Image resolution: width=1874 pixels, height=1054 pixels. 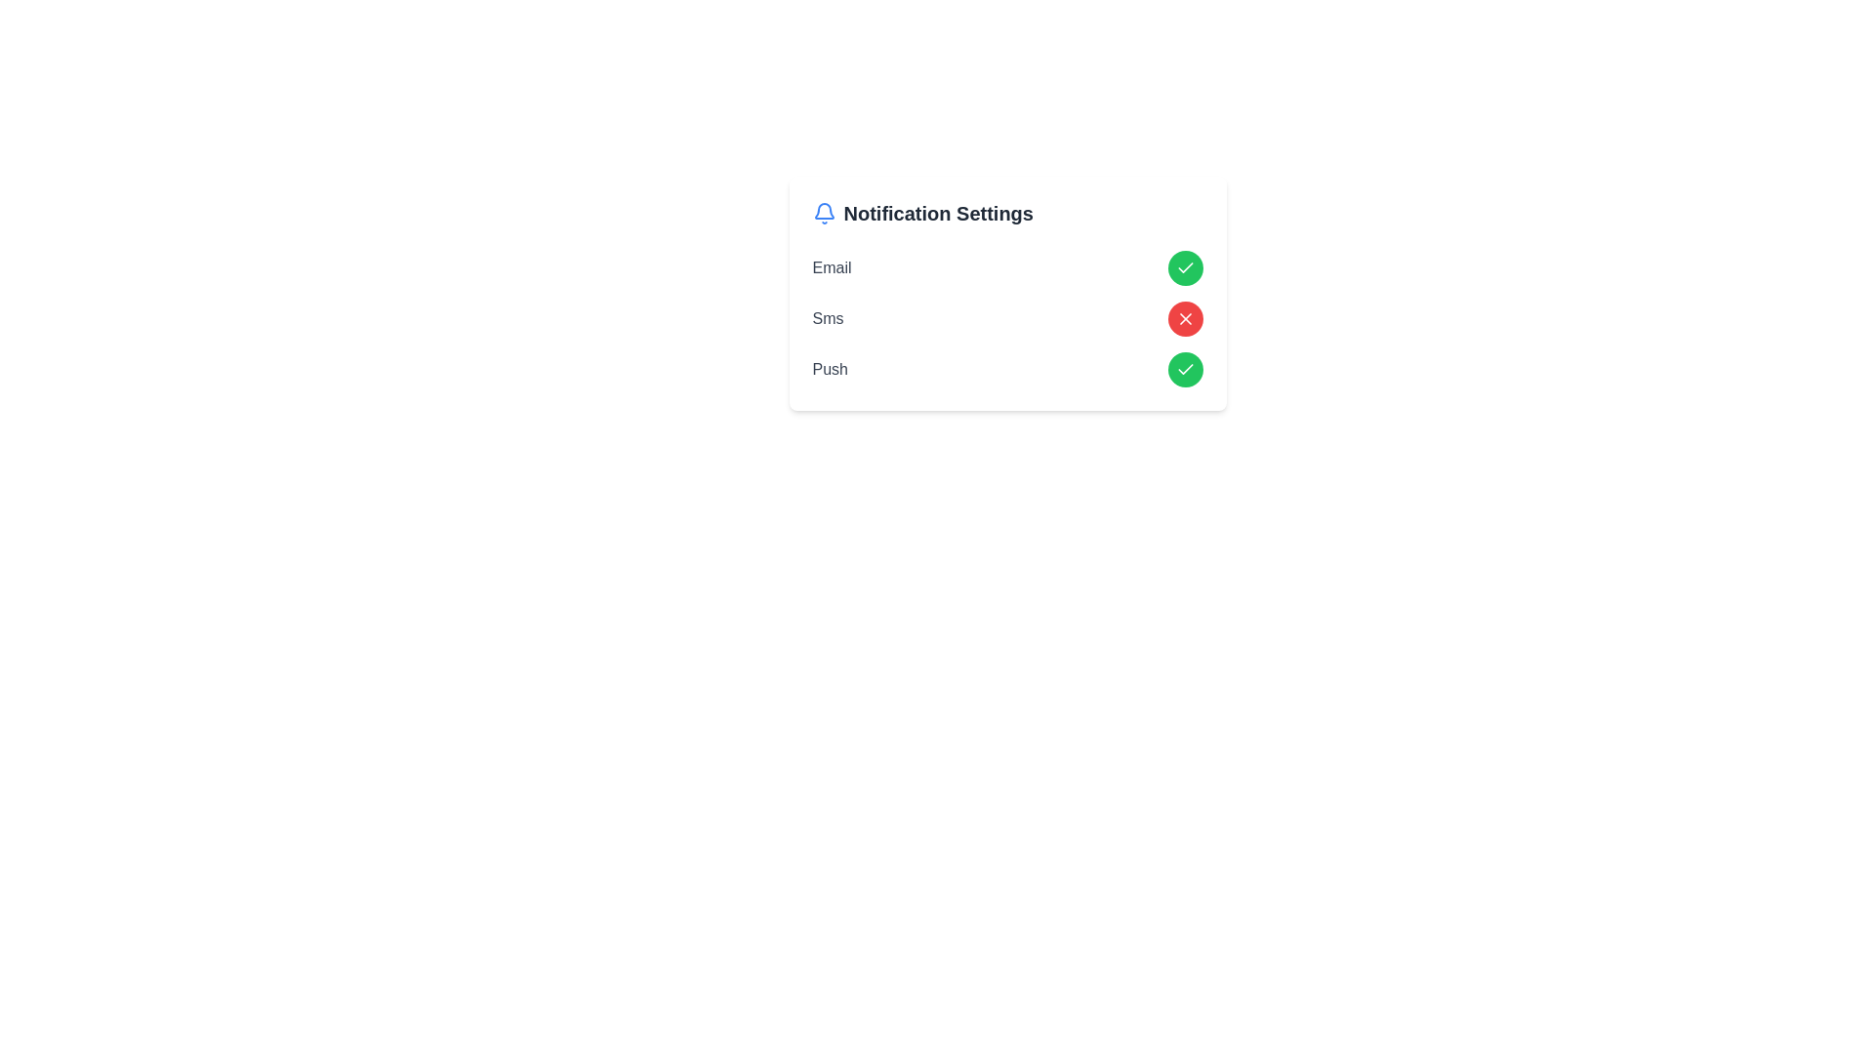 I want to click on the toggle or delete button associated with the 'Sms' notification option, so click(x=1184, y=318).